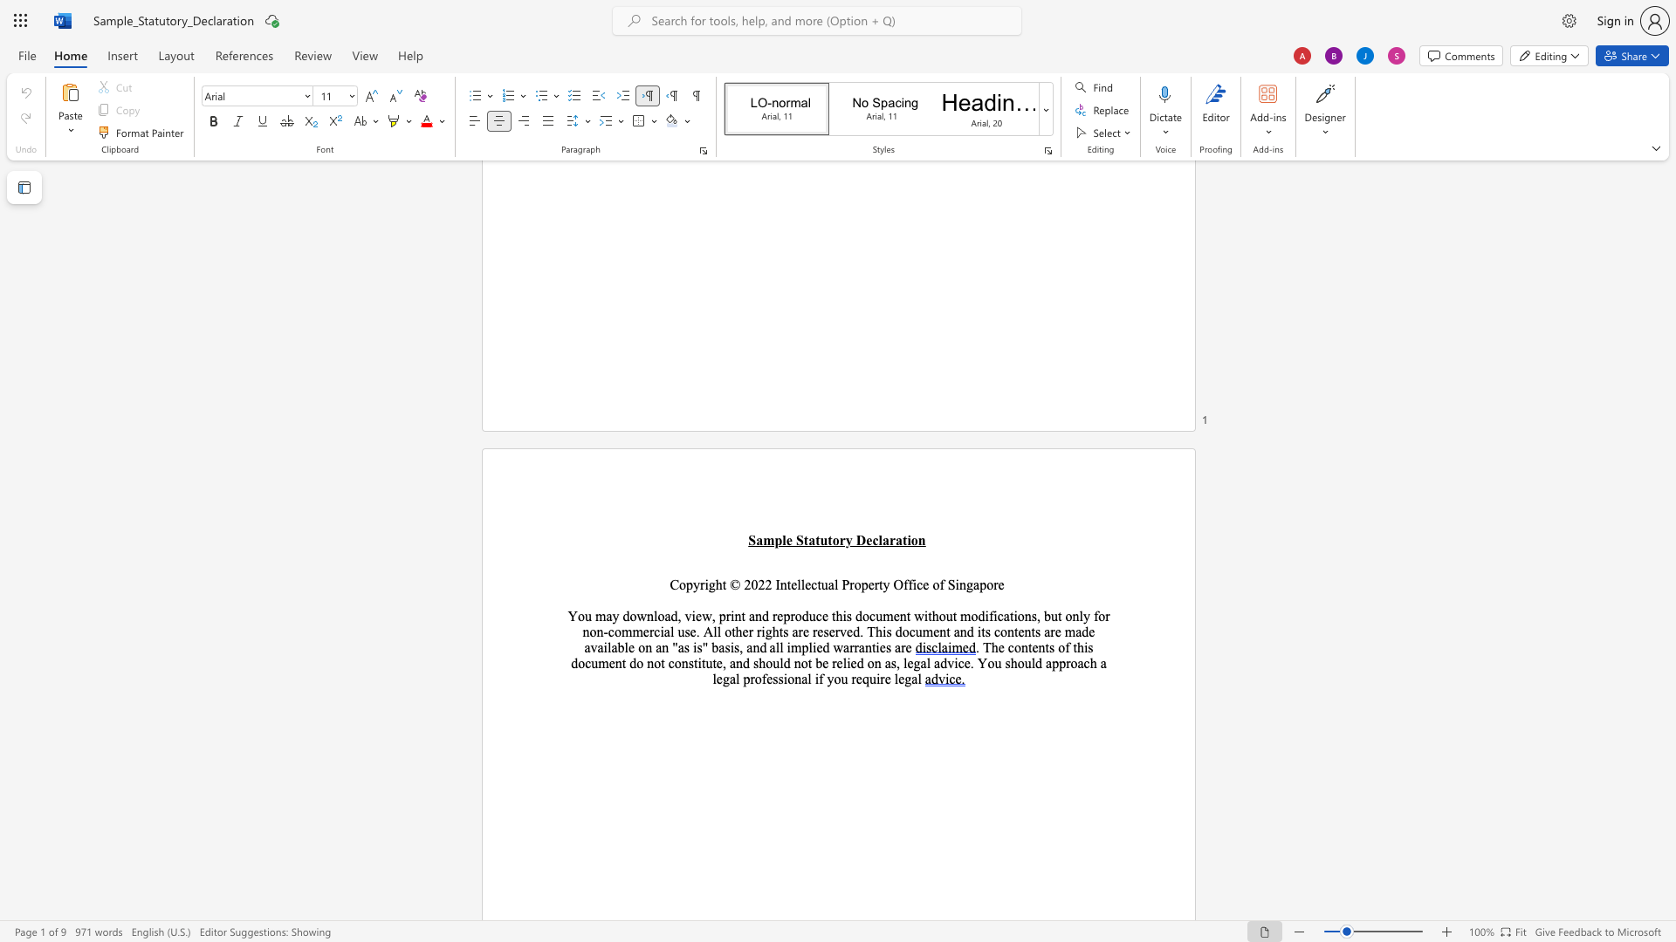 The width and height of the screenshot is (1676, 942). I want to click on the 2th character "f" in the text, so click(910, 584).